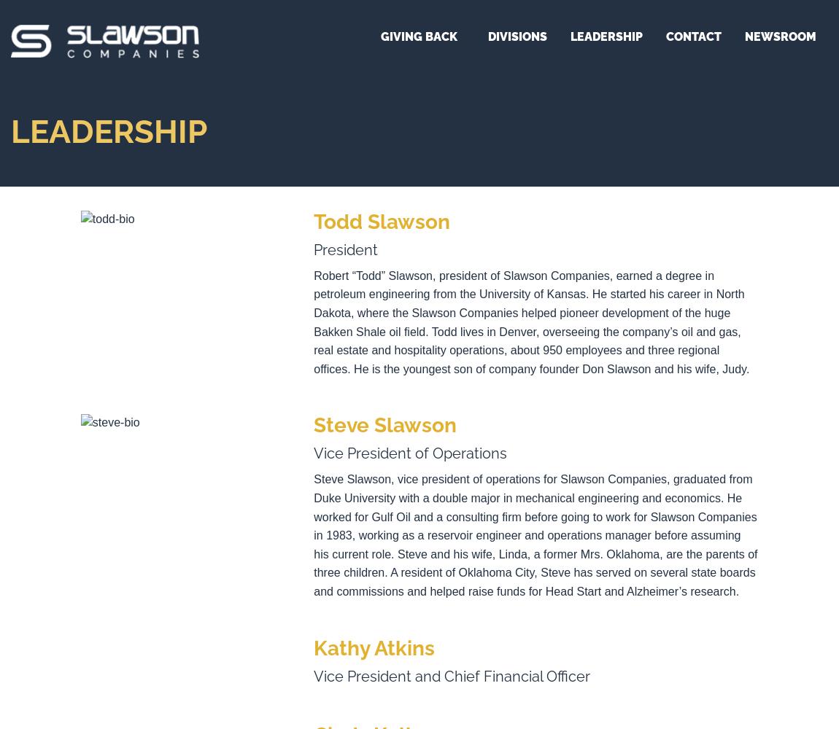 This screenshot has height=729, width=839. I want to click on 'Todd Slawson', so click(382, 221).